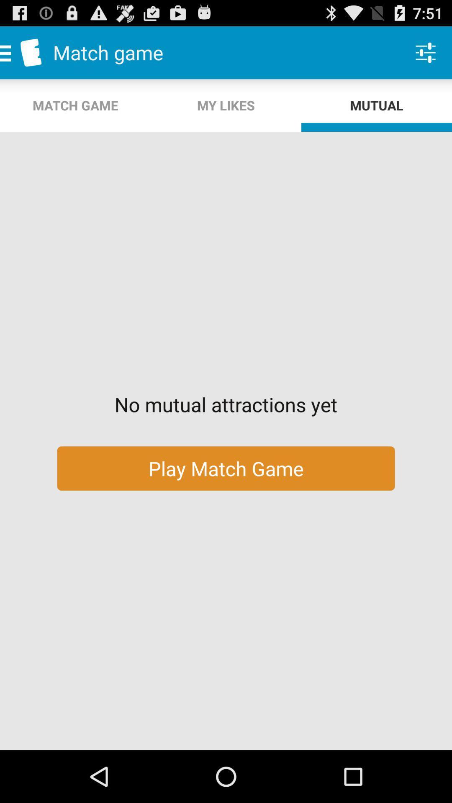 Image resolution: width=452 pixels, height=803 pixels. I want to click on icon to the left of mutual, so click(226, 105).